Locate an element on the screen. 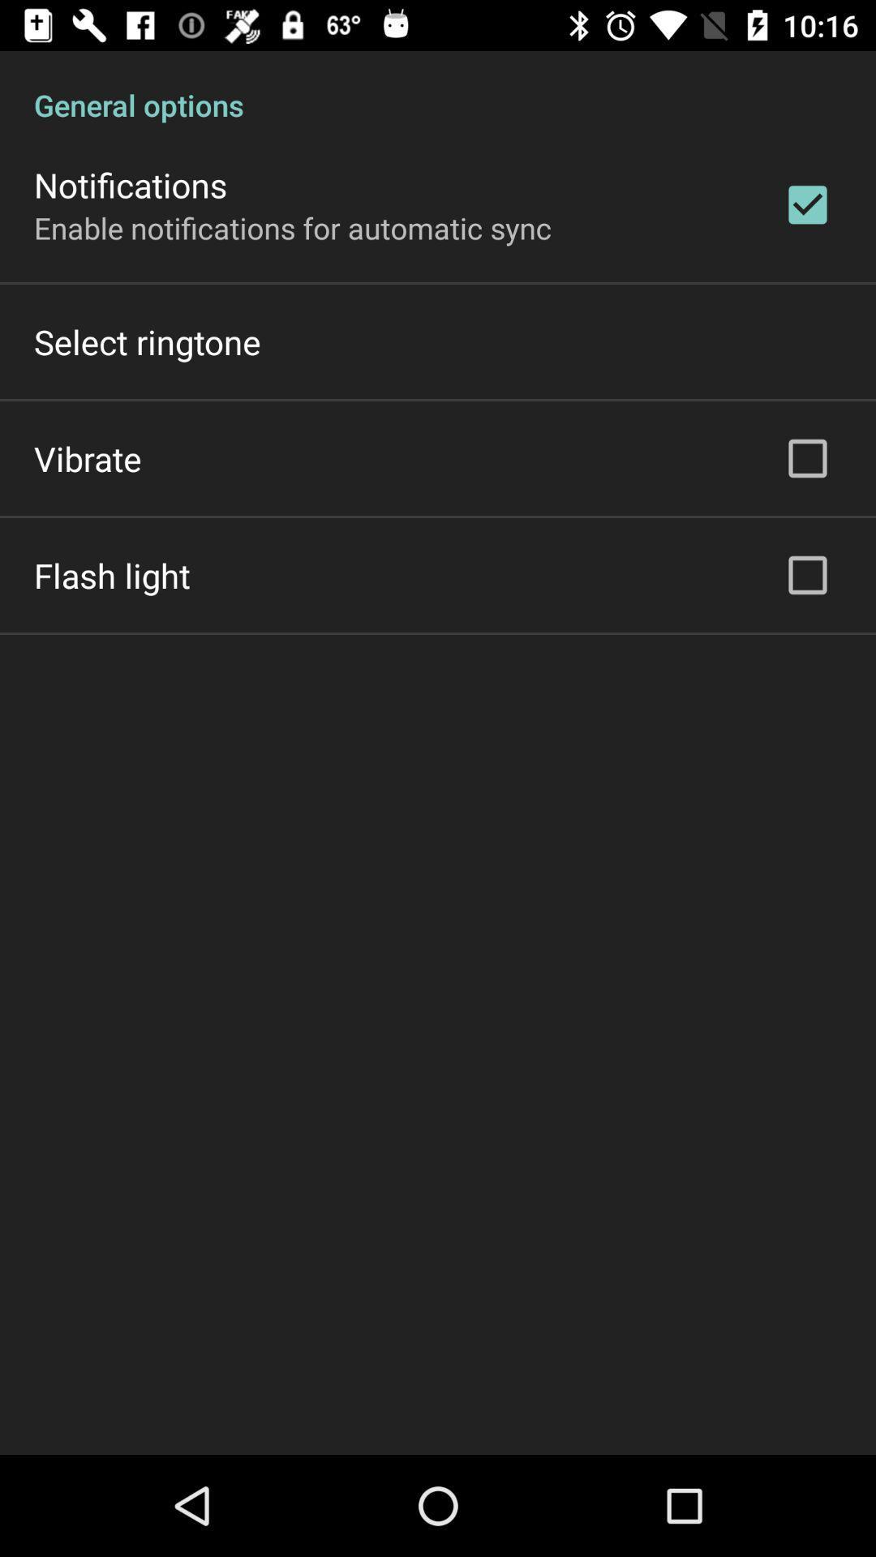  the icon below vibrate is located at coordinates (111, 575).